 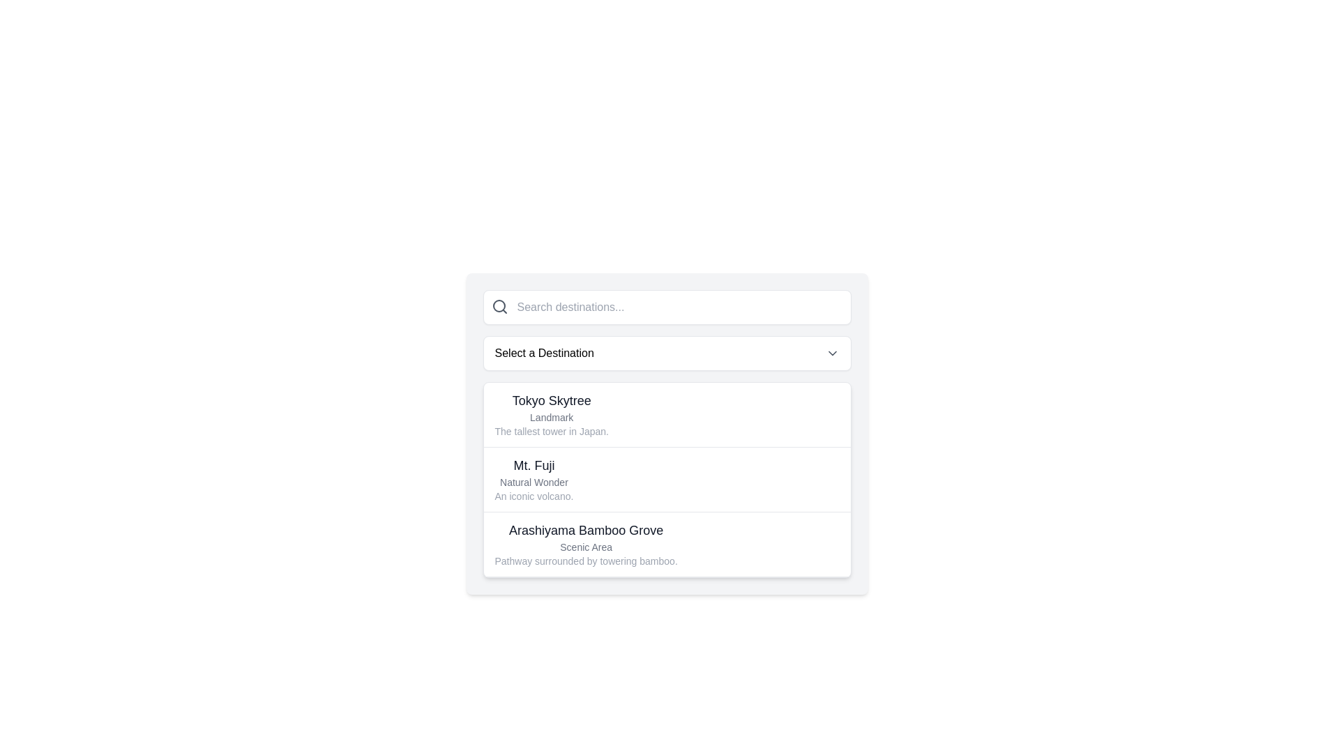 What do you see at coordinates (533, 481) in the screenshot?
I see `the text label 'Natural Wonder' which is styled in gray color and located under the title 'Mt. Fuji'` at bounding box center [533, 481].